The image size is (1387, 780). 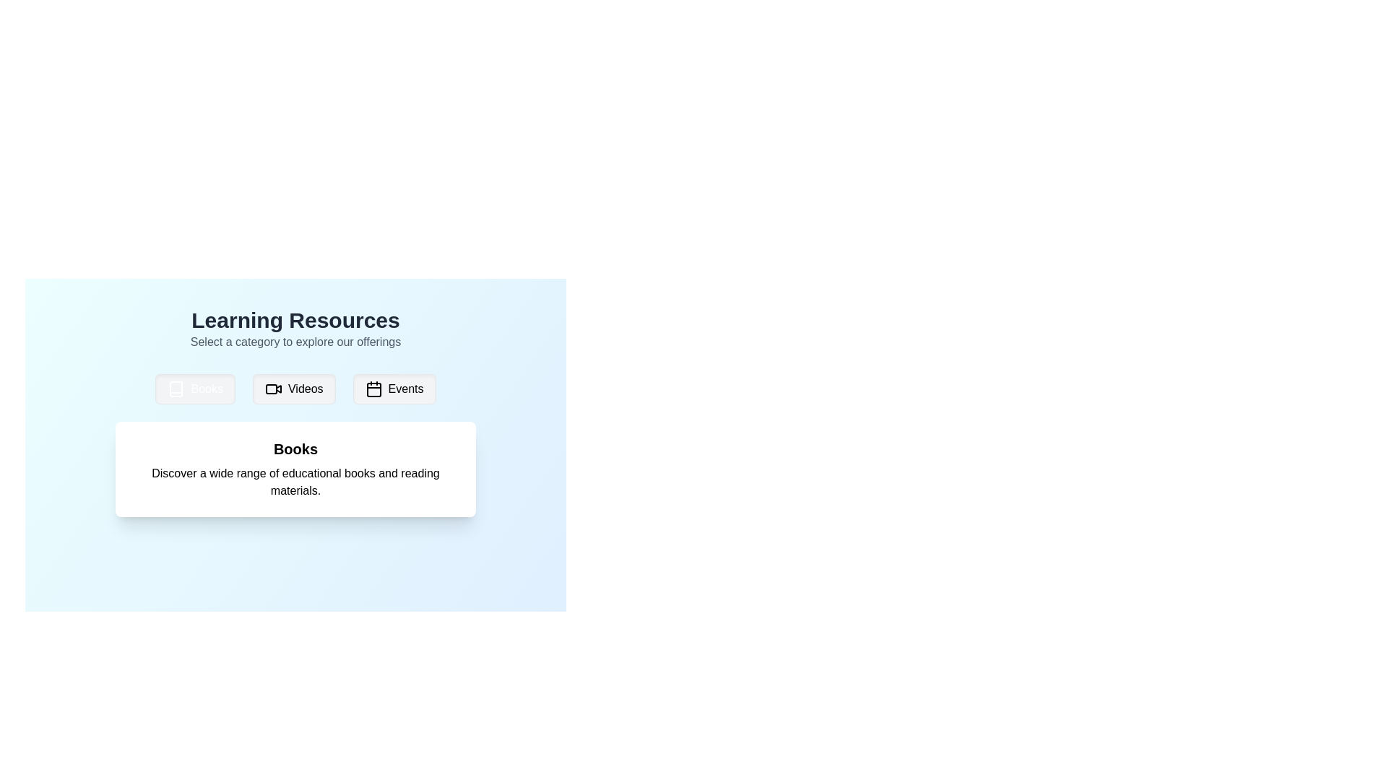 I want to click on the 'Events' button to interact with the associated functionality, which is represented by the icon located at the leftmost position of the button, so click(x=373, y=389).